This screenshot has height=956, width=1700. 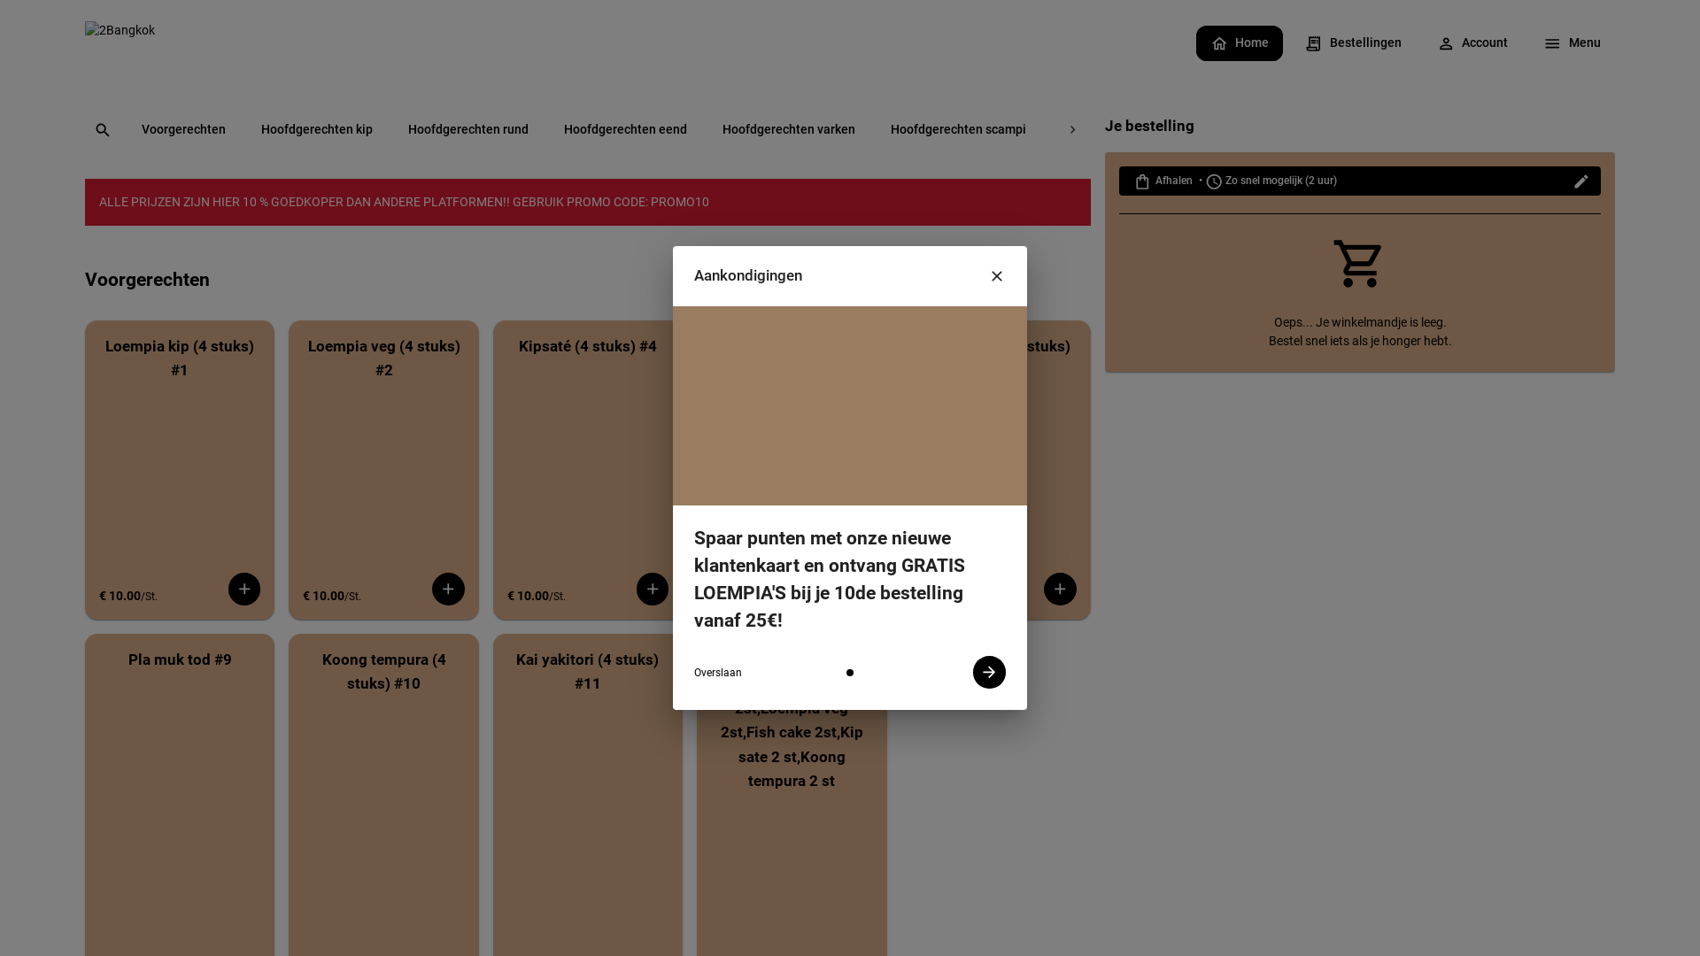 What do you see at coordinates (127, 129) in the screenshot?
I see `'Voorgerechten'` at bounding box center [127, 129].